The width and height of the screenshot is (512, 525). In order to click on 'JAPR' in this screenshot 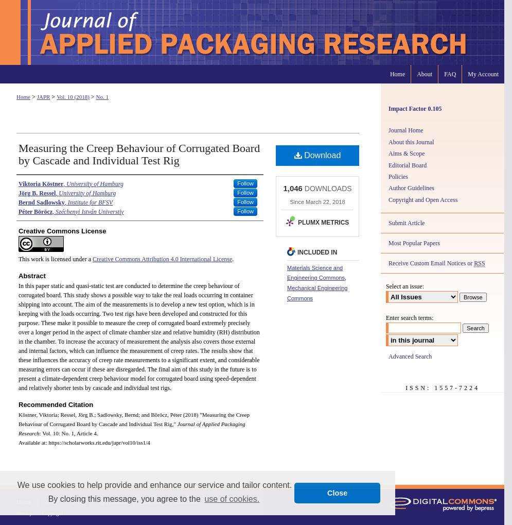, I will do `click(43, 96)`.